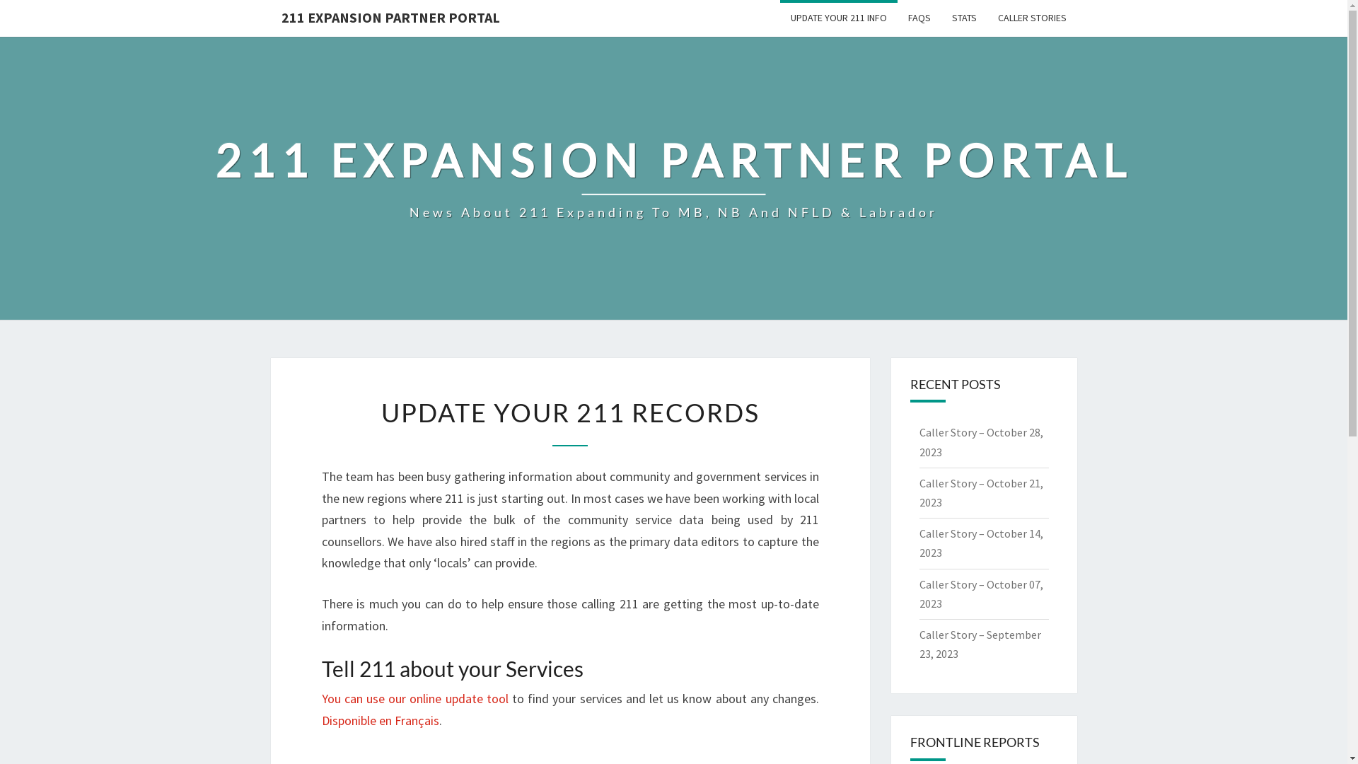 Image resolution: width=1358 pixels, height=764 pixels. What do you see at coordinates (402, 720) in the screenshot?
I see `'r'` at bounding box center [402, 720].